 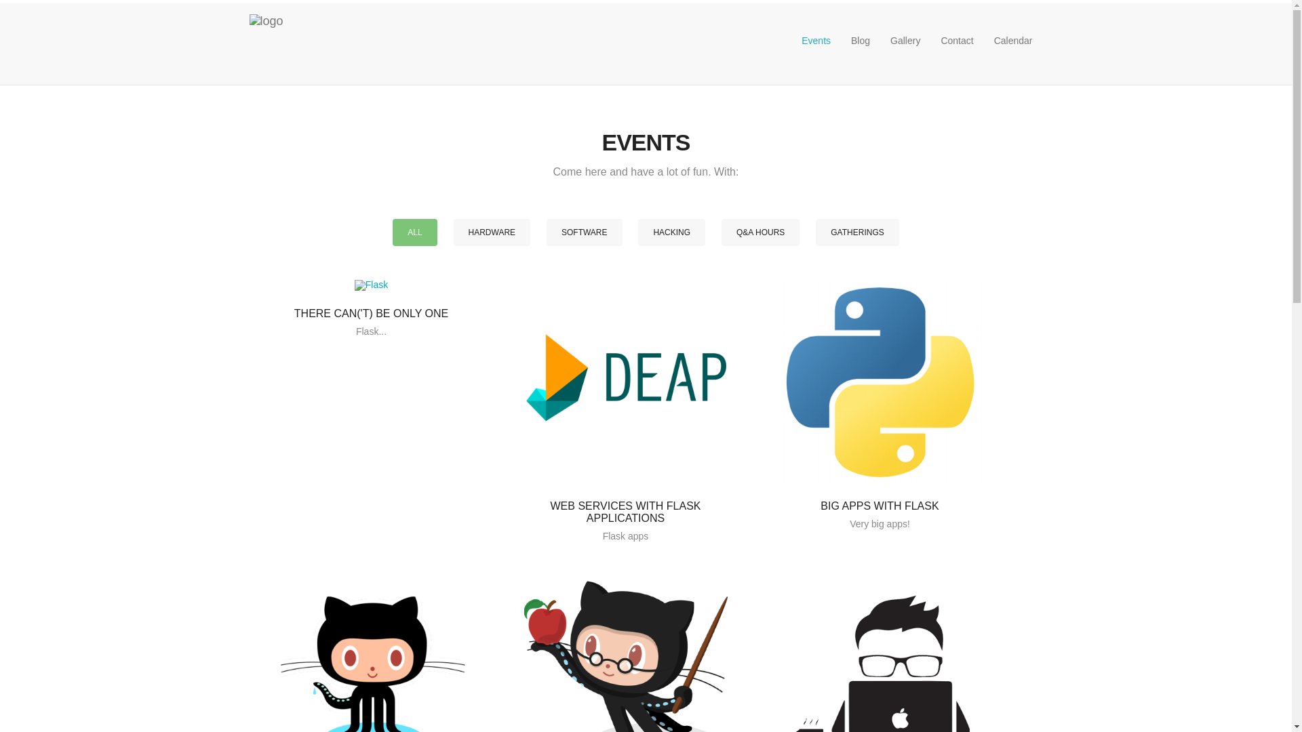 I want to click on 'Gallery', so click(x=905, y=40).